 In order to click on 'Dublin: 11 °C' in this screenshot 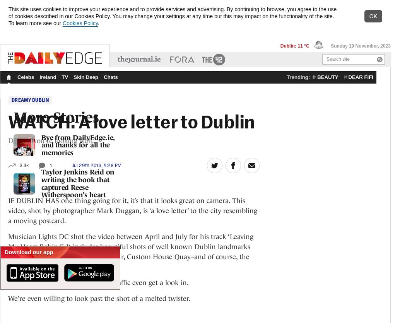, I will do `click(295, 45)`.